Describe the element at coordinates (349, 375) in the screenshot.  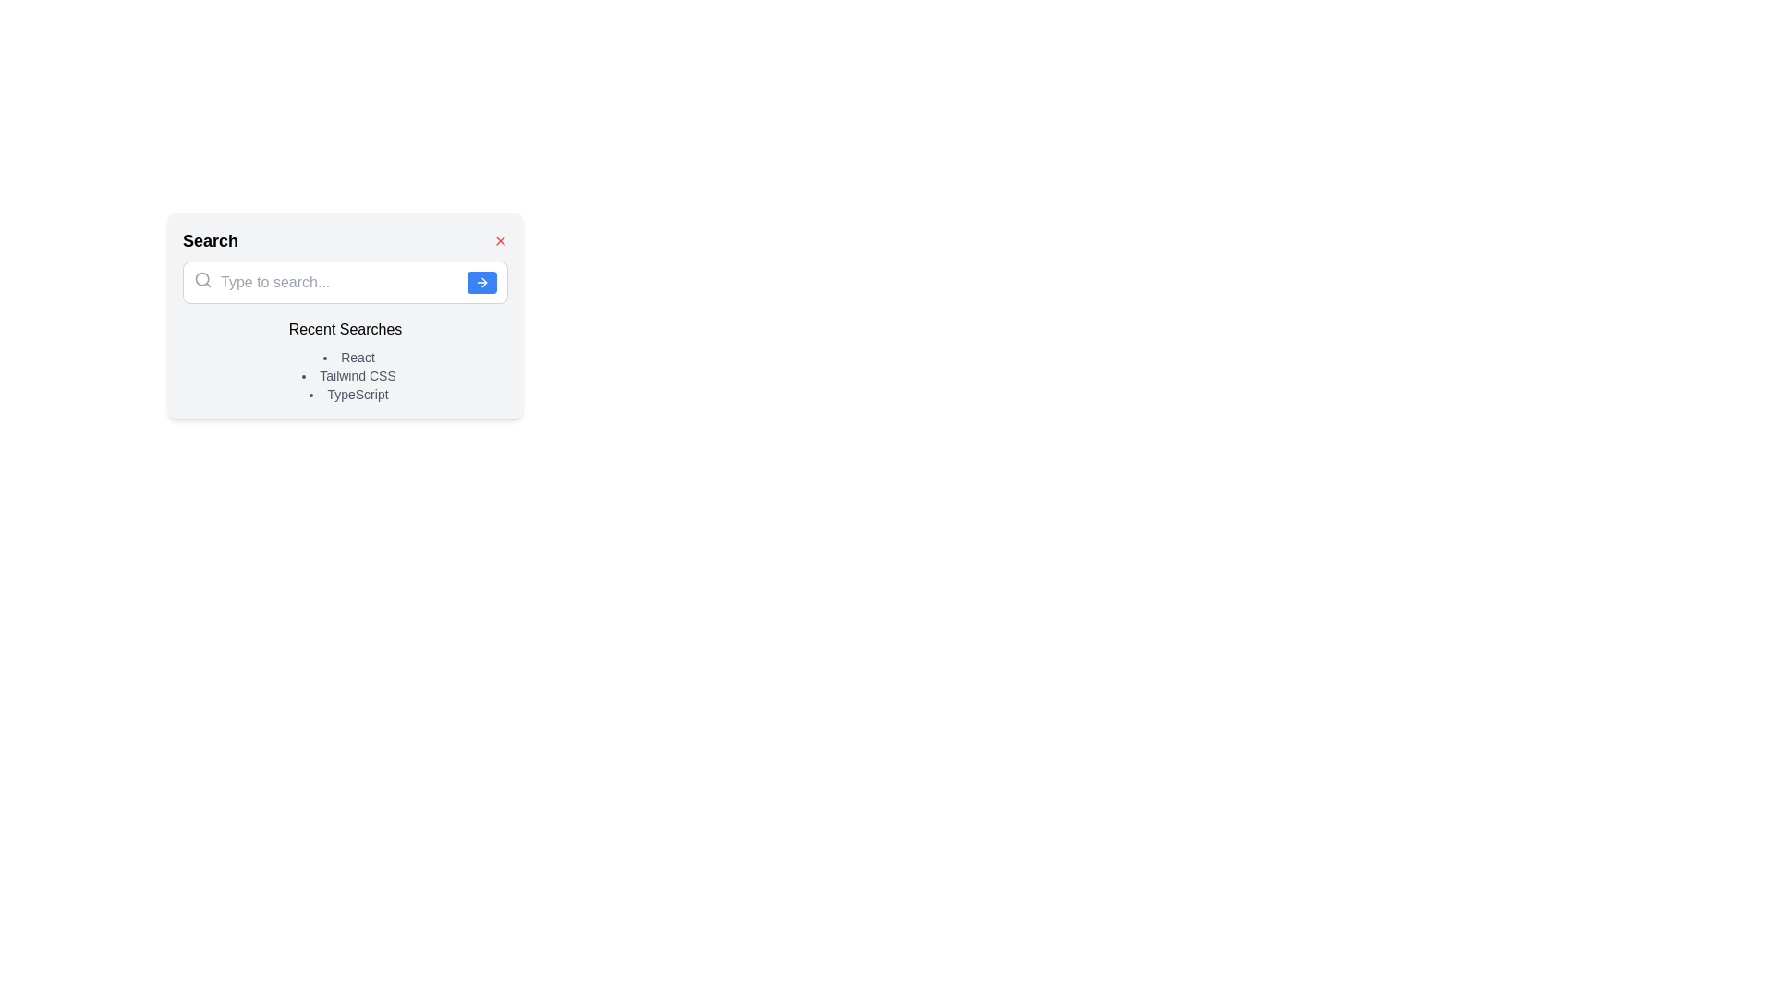
I see `the text label displaying 'Tailwind CSS', which is the second item in the vertical bullet point list under 'Recent Searches'` at that location.